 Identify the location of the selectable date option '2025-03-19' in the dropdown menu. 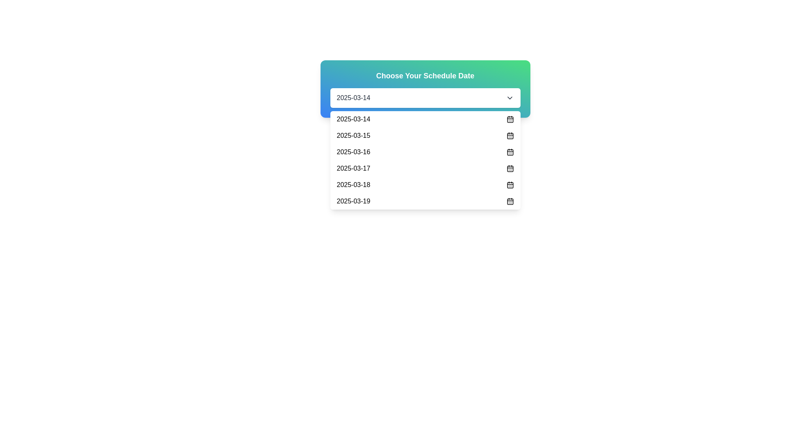
(353, 201).